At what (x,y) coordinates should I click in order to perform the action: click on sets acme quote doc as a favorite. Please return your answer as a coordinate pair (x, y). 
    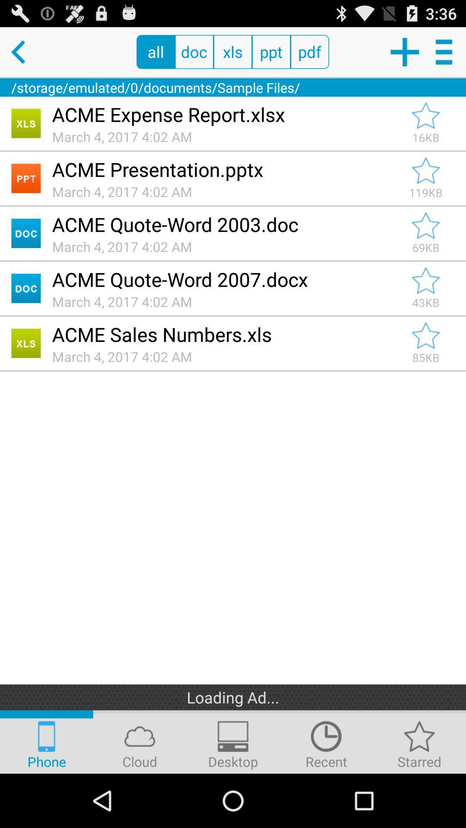
    Looking at the image, I should click on (425, 281).